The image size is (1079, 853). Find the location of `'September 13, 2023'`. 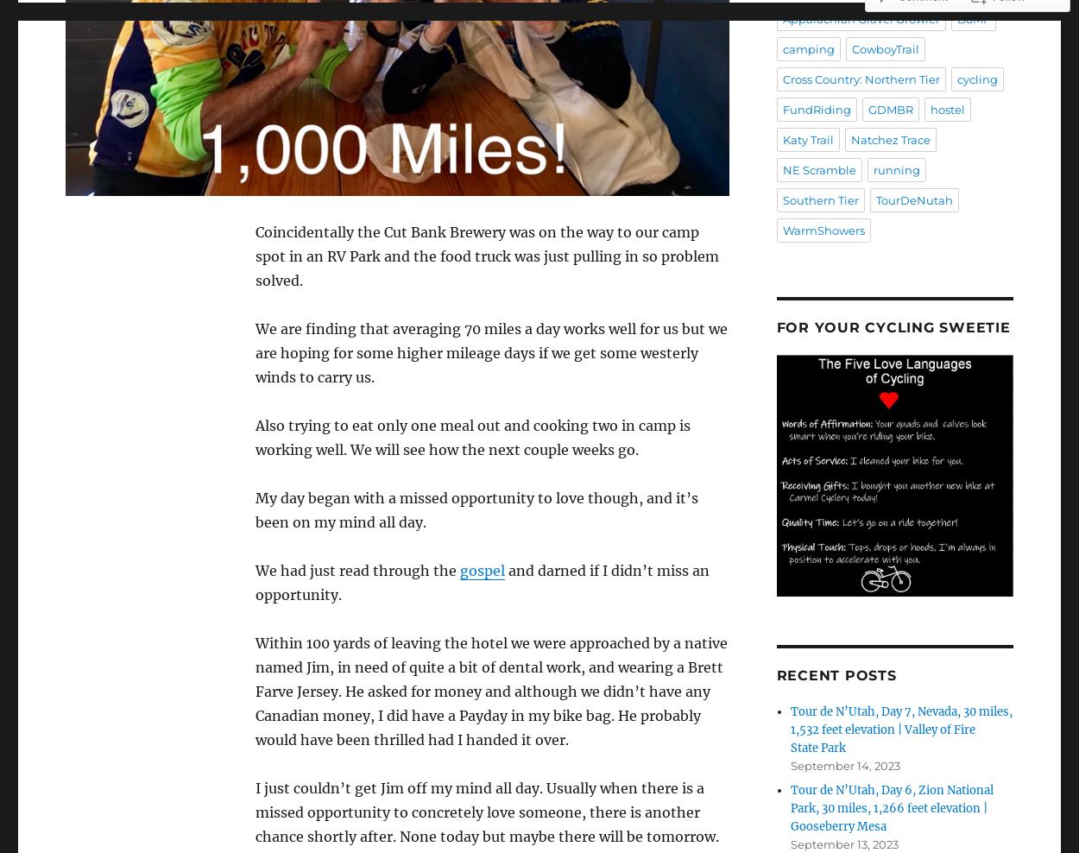

'September 13, 2023' is located at coordinates (842, 844).